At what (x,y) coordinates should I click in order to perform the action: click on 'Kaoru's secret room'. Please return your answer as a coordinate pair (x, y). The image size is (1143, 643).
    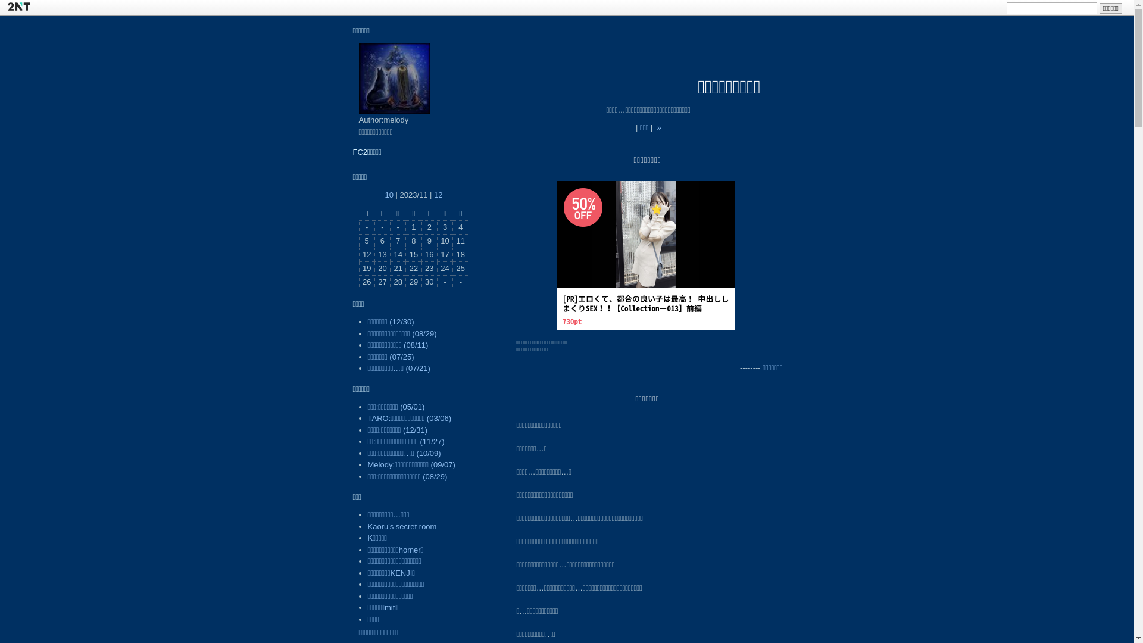
    Looking at the image, I should click on (402, 526).